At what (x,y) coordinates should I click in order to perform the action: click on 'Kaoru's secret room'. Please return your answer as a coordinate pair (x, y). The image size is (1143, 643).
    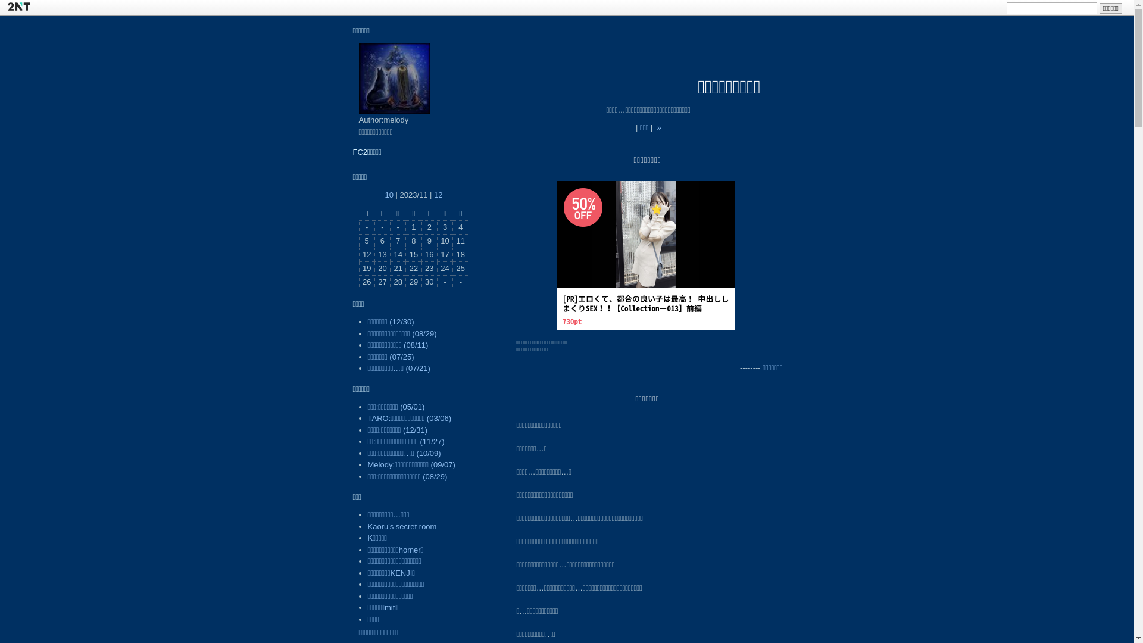
    Looking at the image, I should click on (402, 526).